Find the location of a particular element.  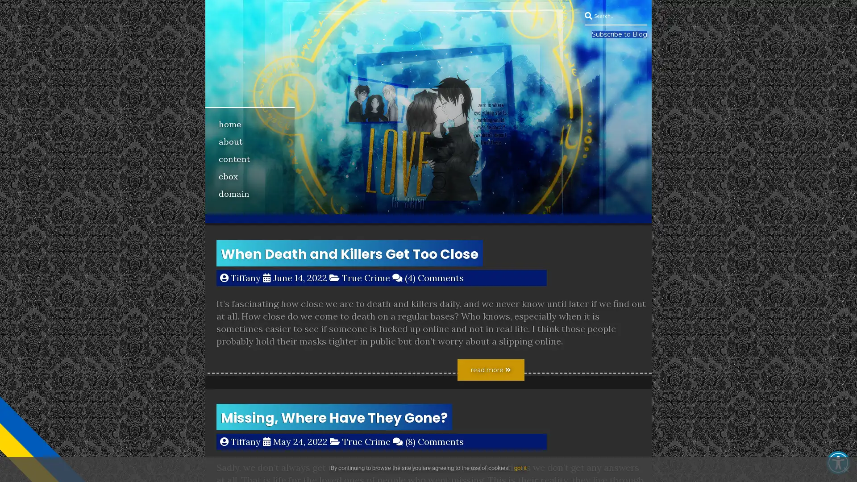

Open Accessibility Toolbar is located at coordinates (837, 462).